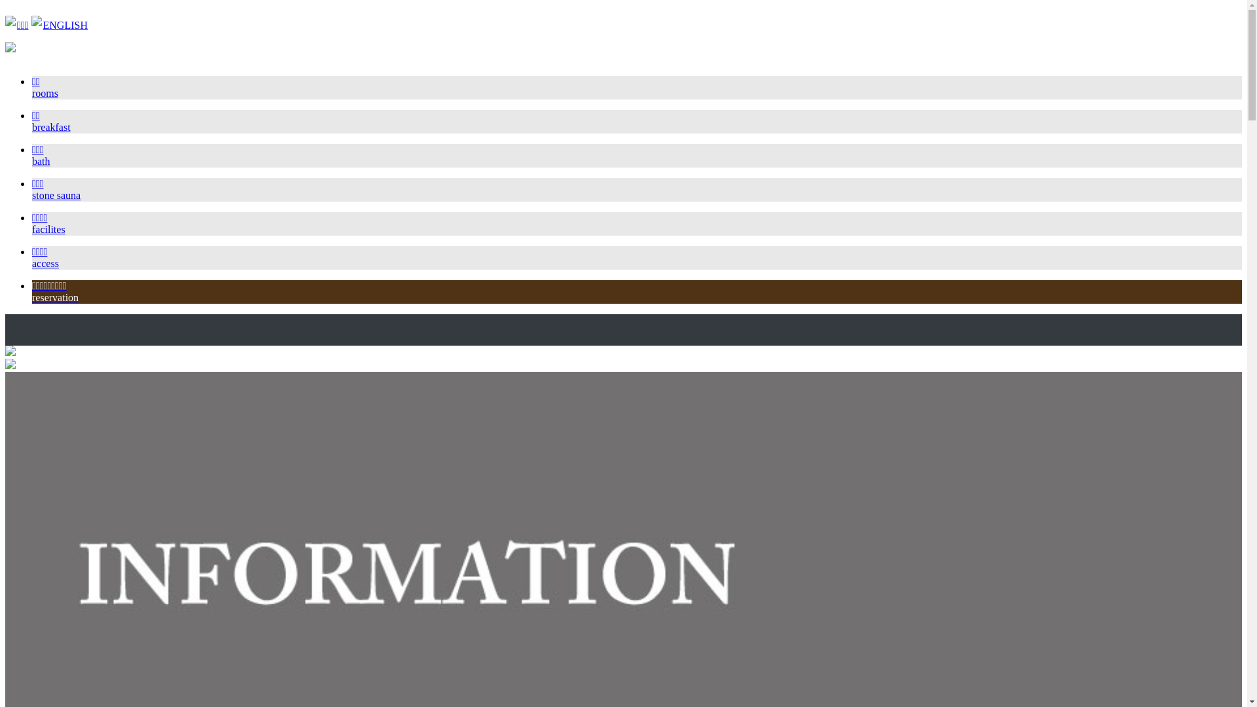  Describe the element at coordinates (43, 25) in the screenshot. I see `'ENGLISH'` at that location.